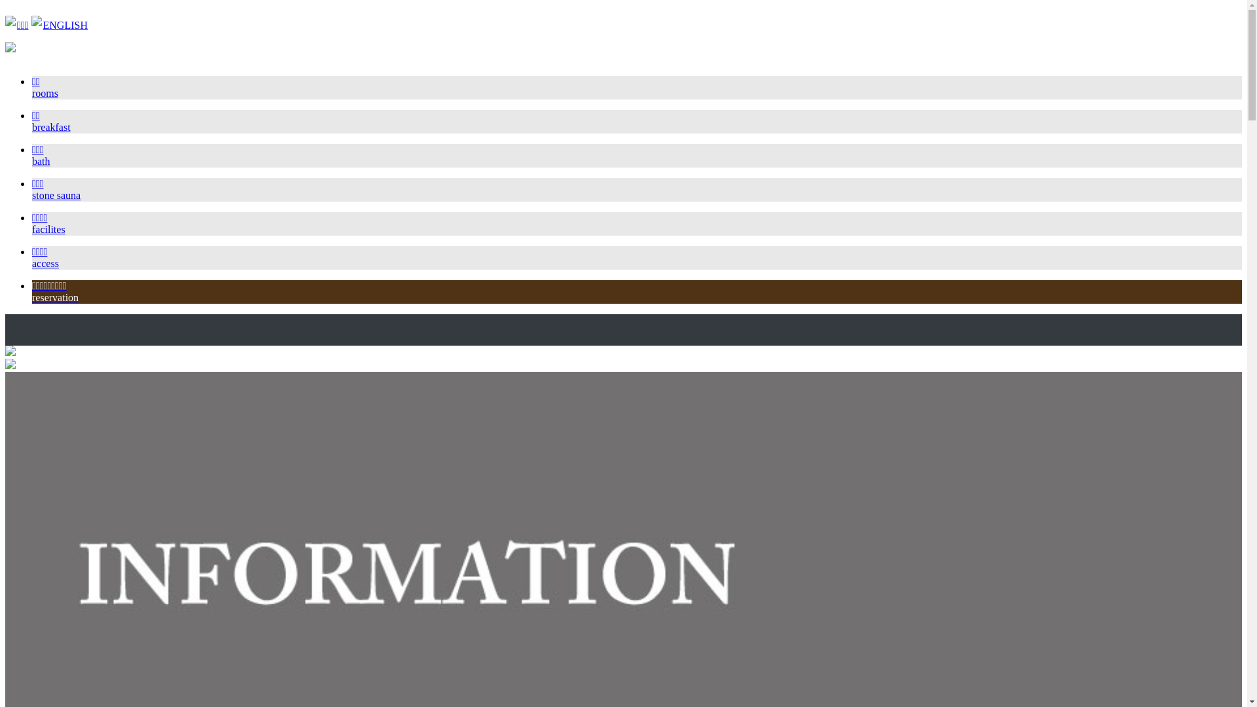  Describe the element at coordinates (43, 25) in the screenshot. I see `'ENGLISH'` at that location.